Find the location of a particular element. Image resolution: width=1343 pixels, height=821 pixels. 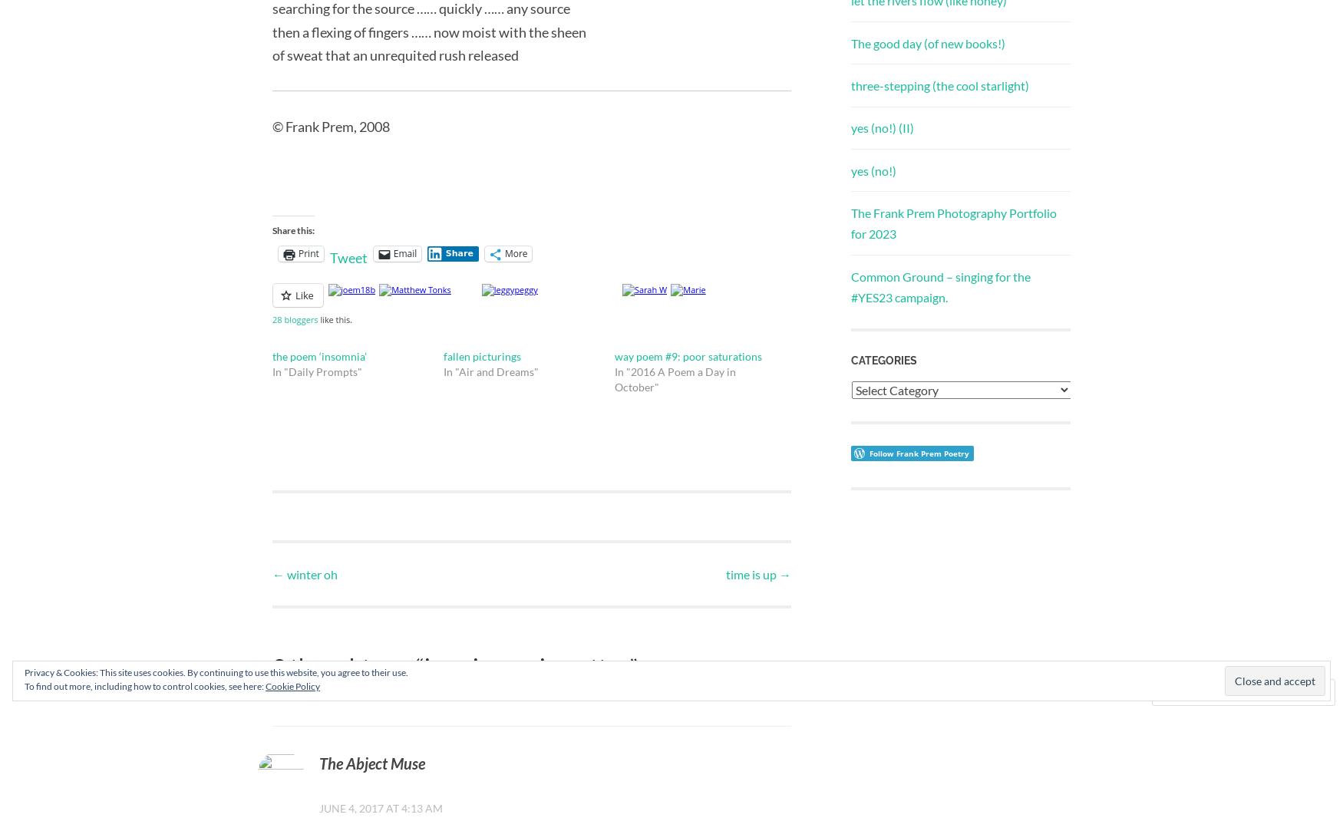

'Comment' is located at coordinates (1203, 691).